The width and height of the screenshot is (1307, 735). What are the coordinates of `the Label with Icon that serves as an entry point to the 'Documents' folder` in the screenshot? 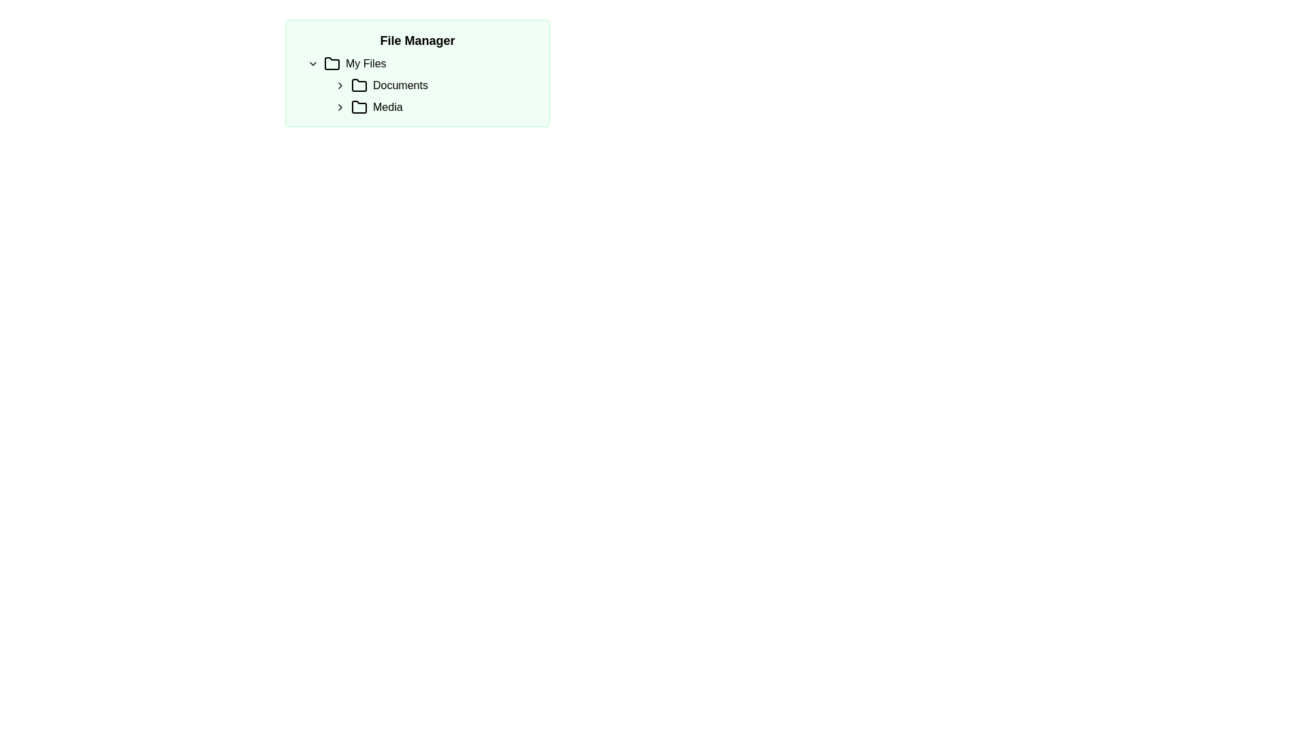 It's located at (389, 86).